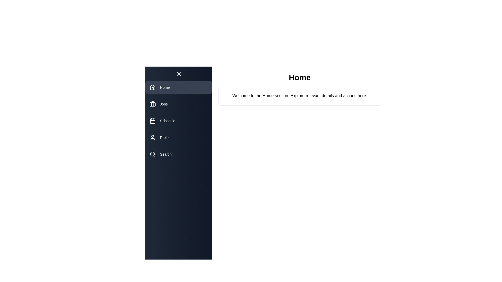  What do you see at coordinates (179, 121) in the screenshot?
I see `the navigation item Schedule to reveal its tooltip` at bounding box center [179, 121].